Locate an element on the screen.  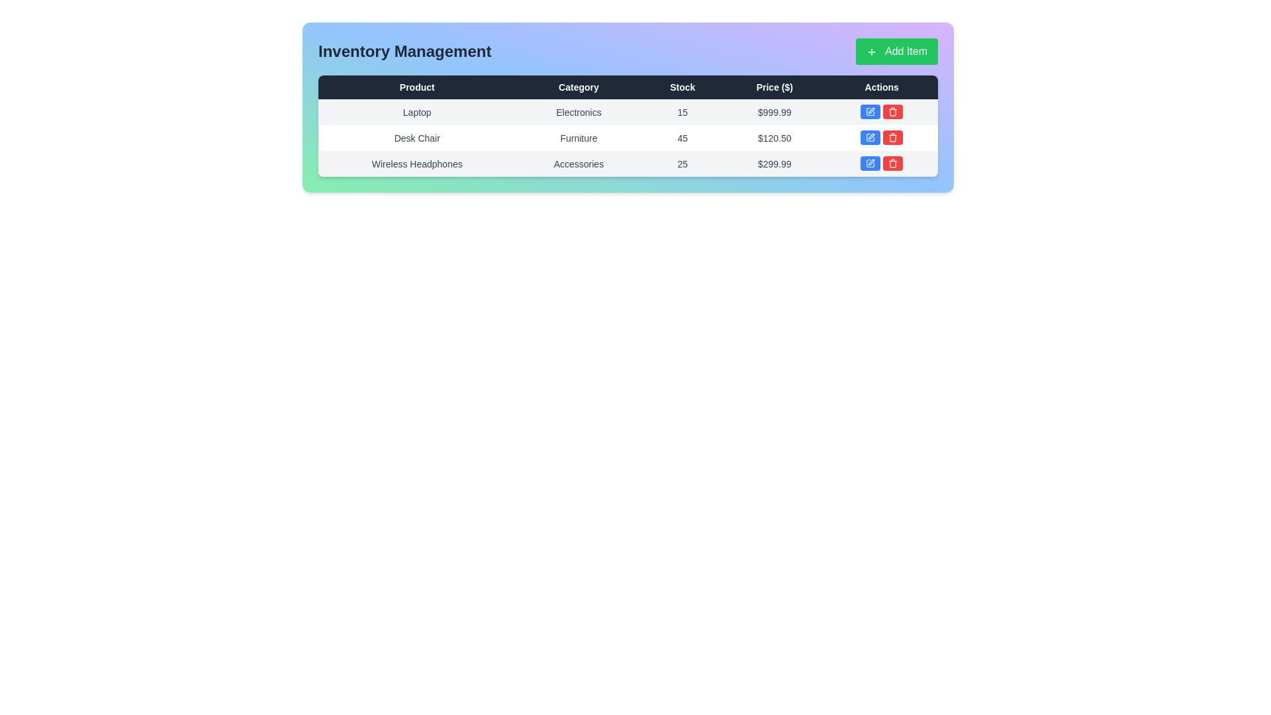
the trash can icon button with a red background, which represents the delete action for the 'Desk Chair' row in the product list is located at coordinates (893, 111).